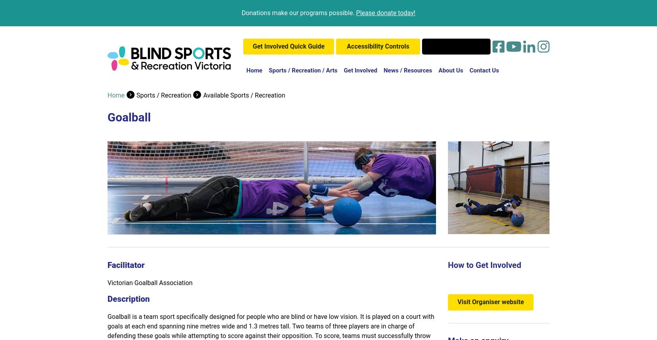 This screenshot has height=340, width=657. I want to click on 'Sports / Recreation', so click(164, 95).